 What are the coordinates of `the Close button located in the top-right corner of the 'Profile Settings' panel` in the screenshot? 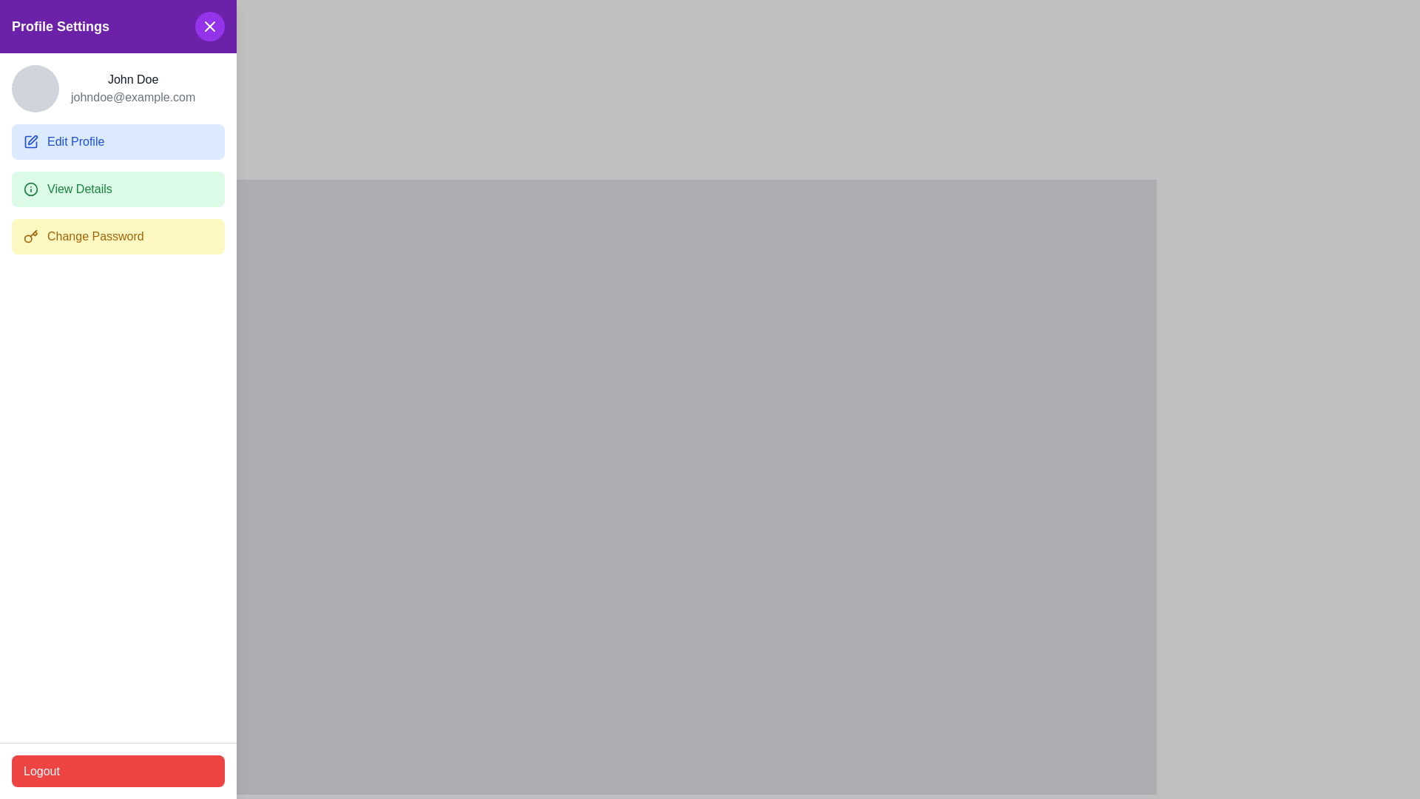 It's located at (209, 26).